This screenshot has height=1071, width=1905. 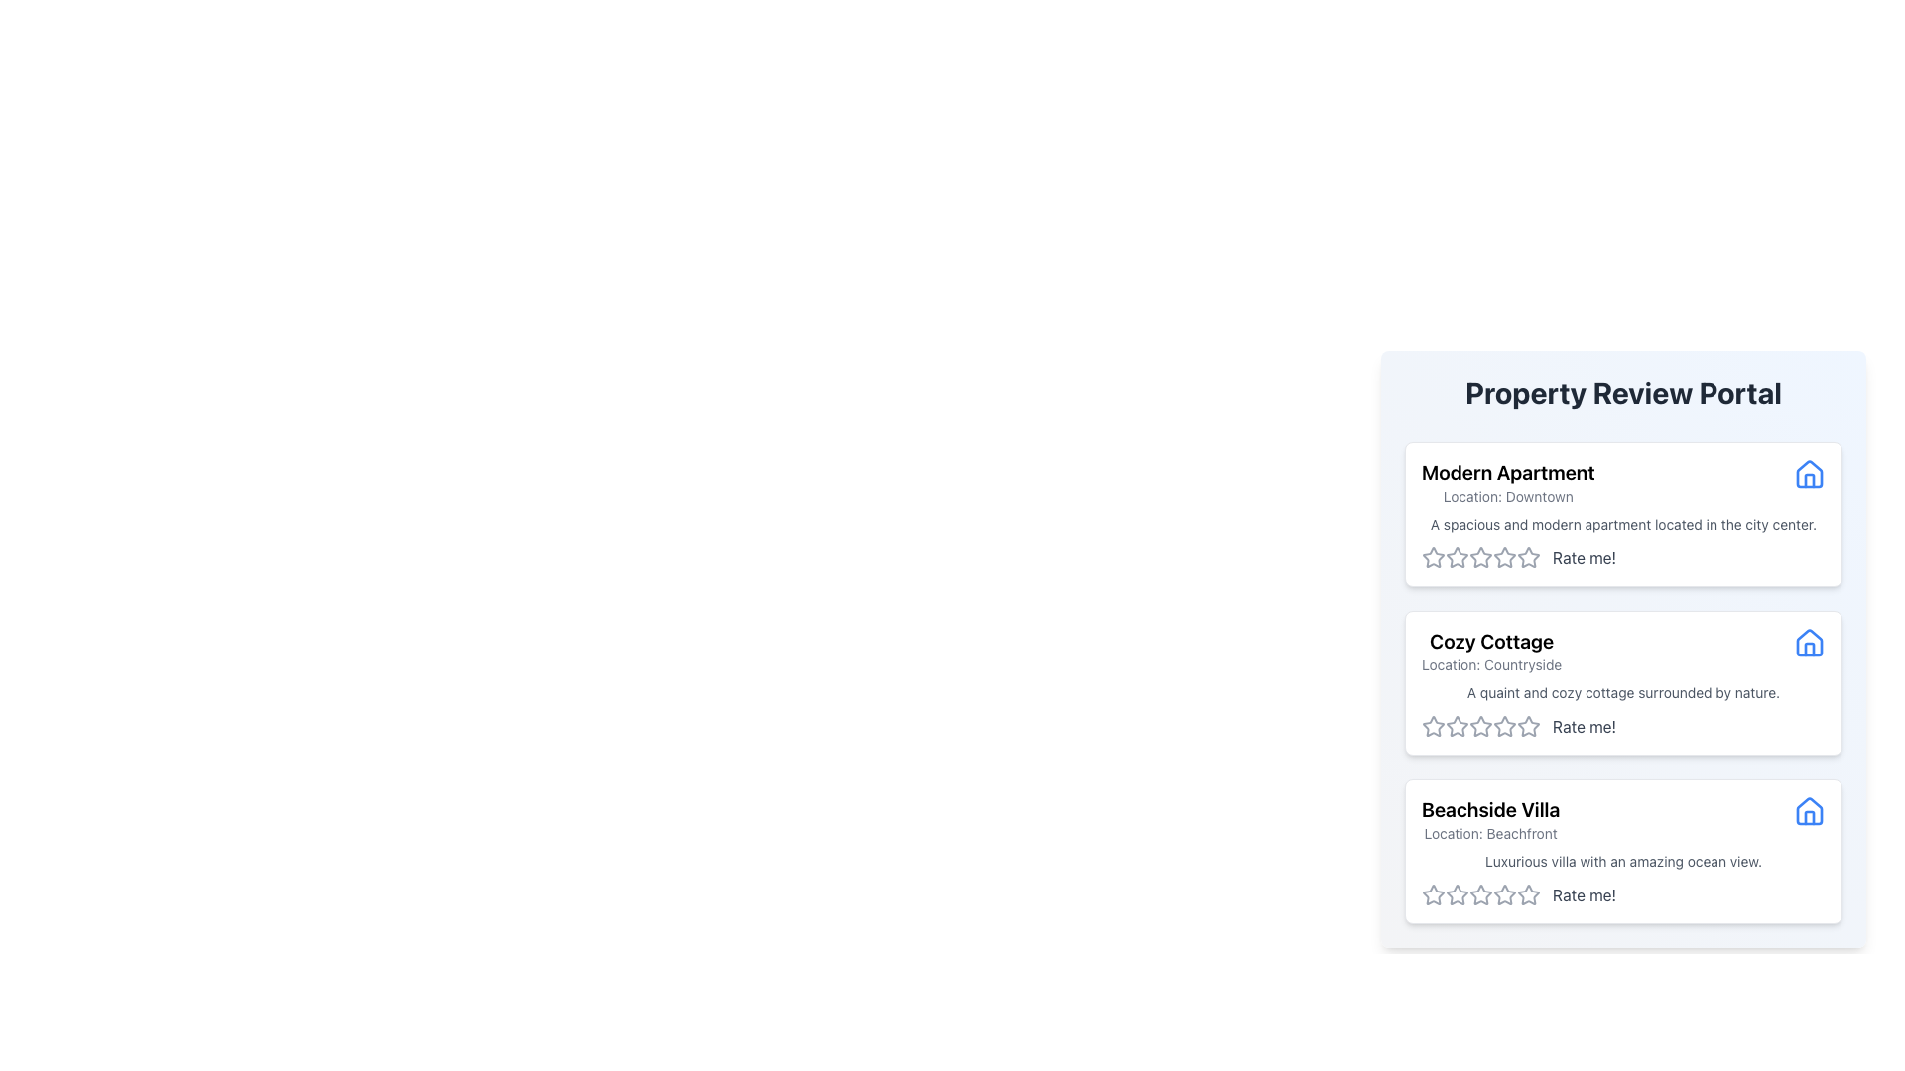 What do you see at coordinates (1457, 726) in the screenshot?
I see `the second star in the rating system for the 'Cozy Cottage' property` at bounding box center [1457, 726].